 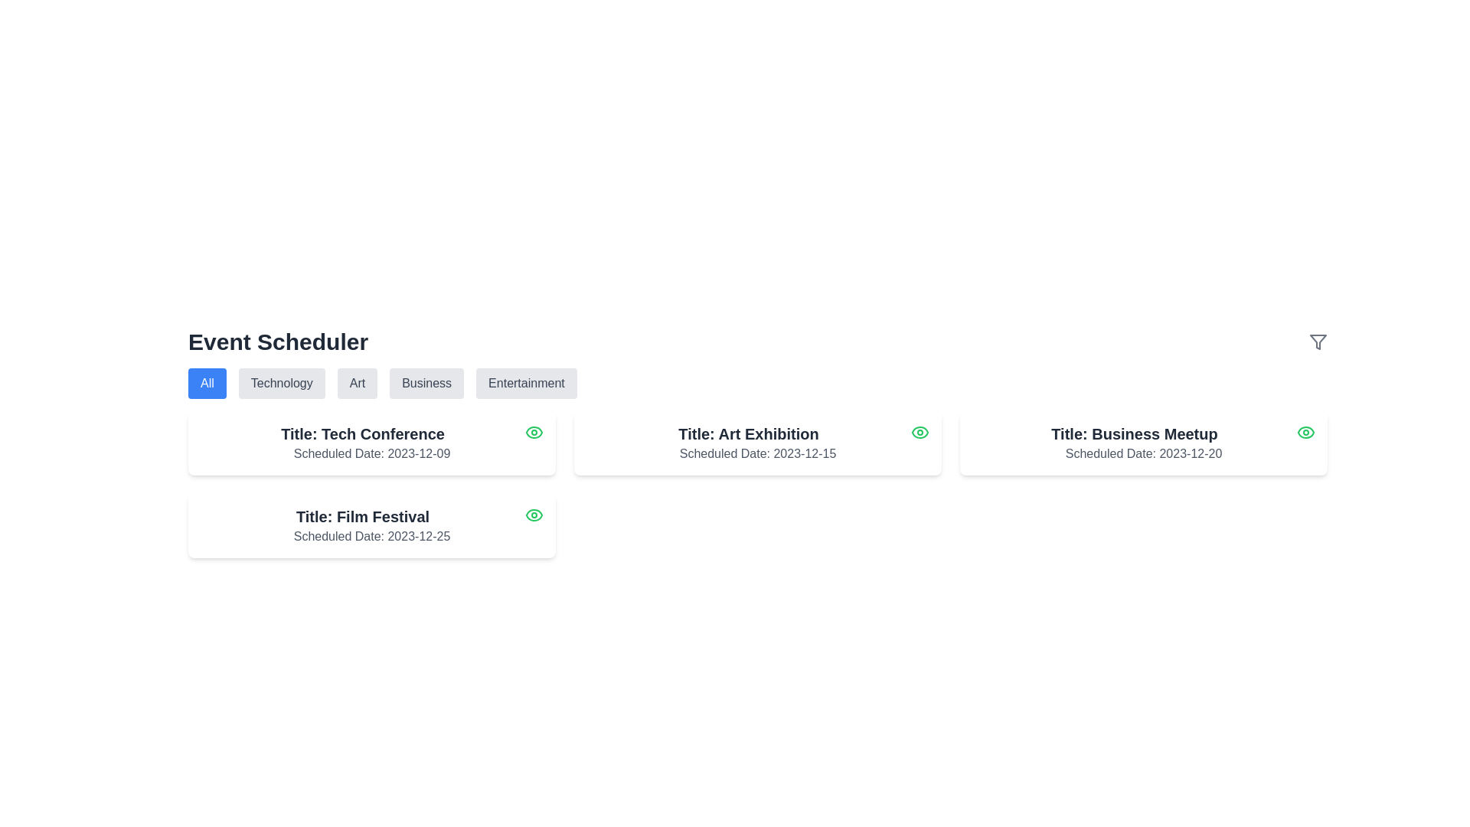 What do you see at coordinates (1143, 453) in the screenshot?
I see `the text label displaying 'Scheduled Date: 2023-12-20', which is styled in gray font and positioned below the heading 'Title: Business Meetup' within the event details card` at bounding box center [1143, 453].